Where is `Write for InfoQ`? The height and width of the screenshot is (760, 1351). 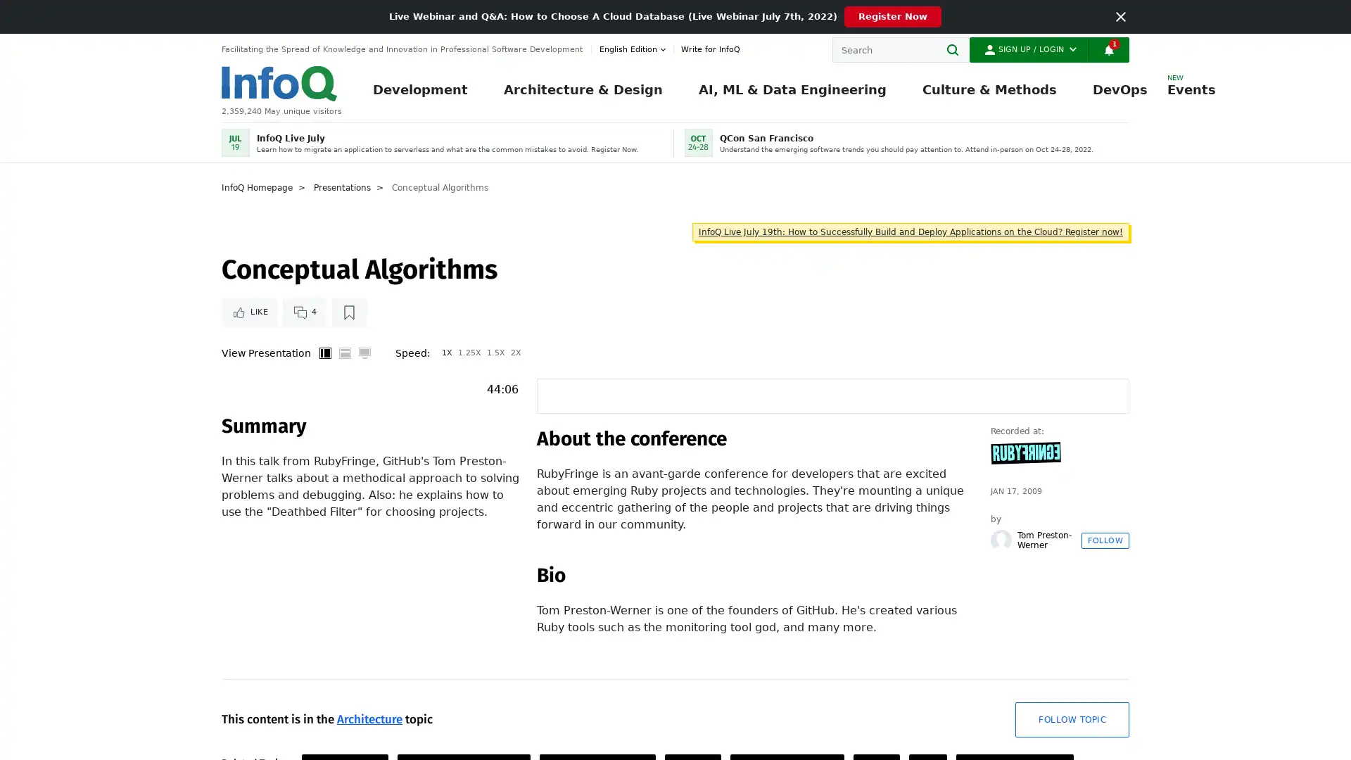
Write for InfoQ is located at coordinates (706, 49).